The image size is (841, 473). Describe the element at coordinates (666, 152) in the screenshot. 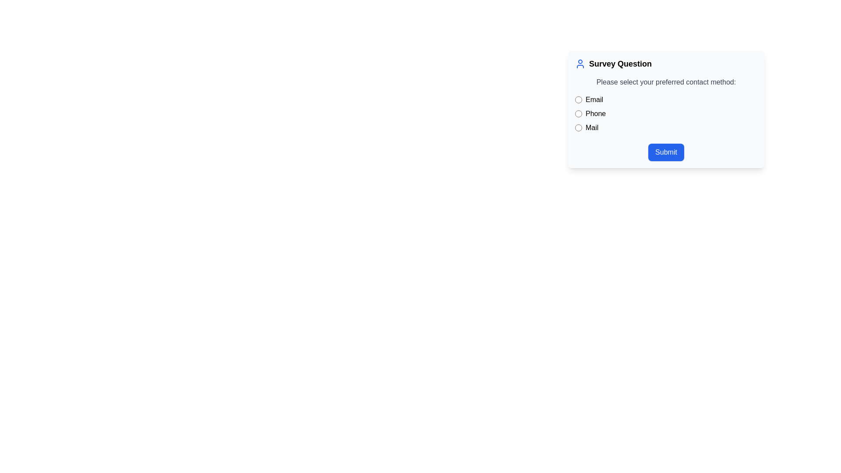

I see `the 'Submit' button, which is a rectangular button with a blue background and white text located at the bottom center of the form section, below the radio button options` at that location.